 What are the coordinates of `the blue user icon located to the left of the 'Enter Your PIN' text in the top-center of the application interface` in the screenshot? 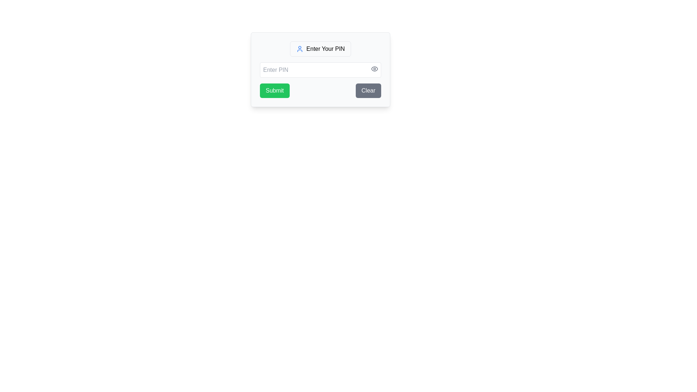 It's located at (300, 49).